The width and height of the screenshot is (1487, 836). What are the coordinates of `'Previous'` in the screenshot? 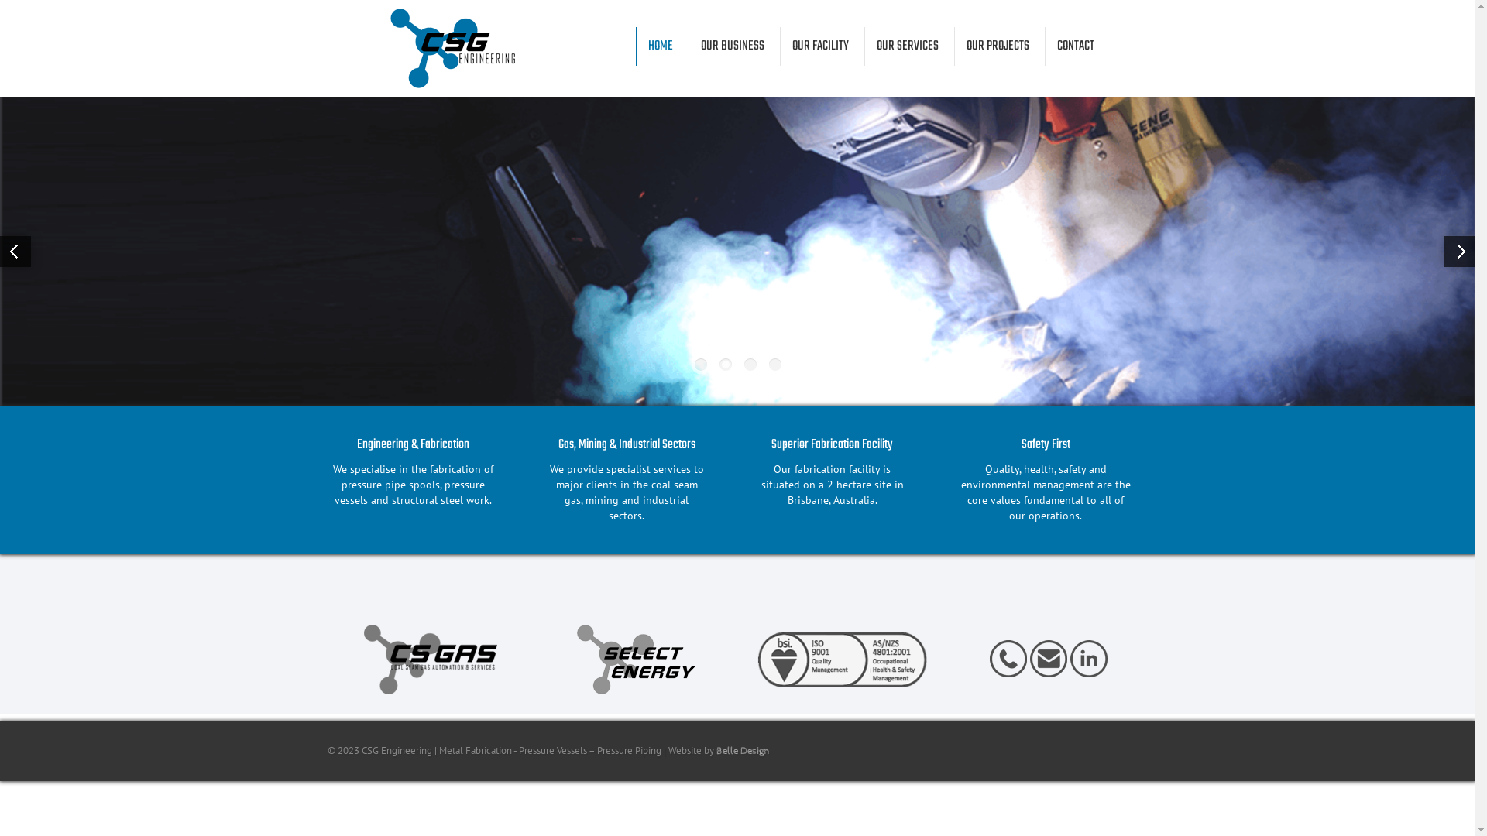 It's located at (0, 250).